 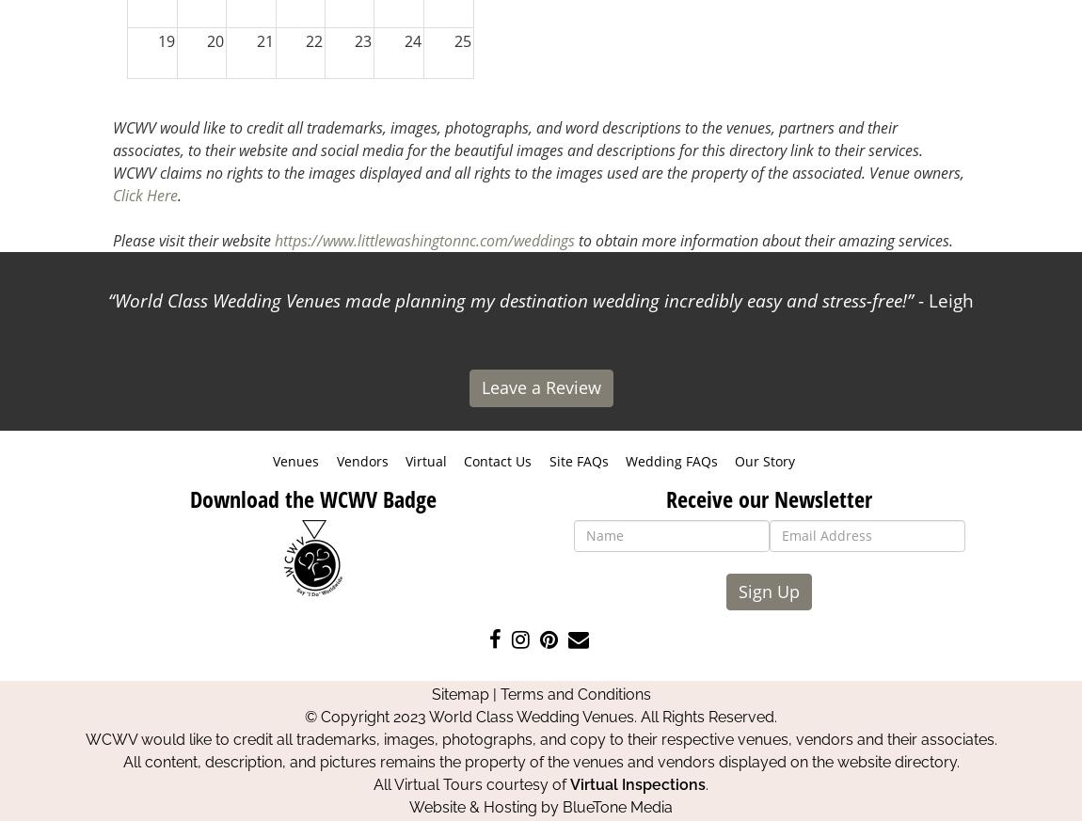 What do you see at coordinates (254, 101) in the screenshot?
I see `'28'` at bounding box center [254, 101].